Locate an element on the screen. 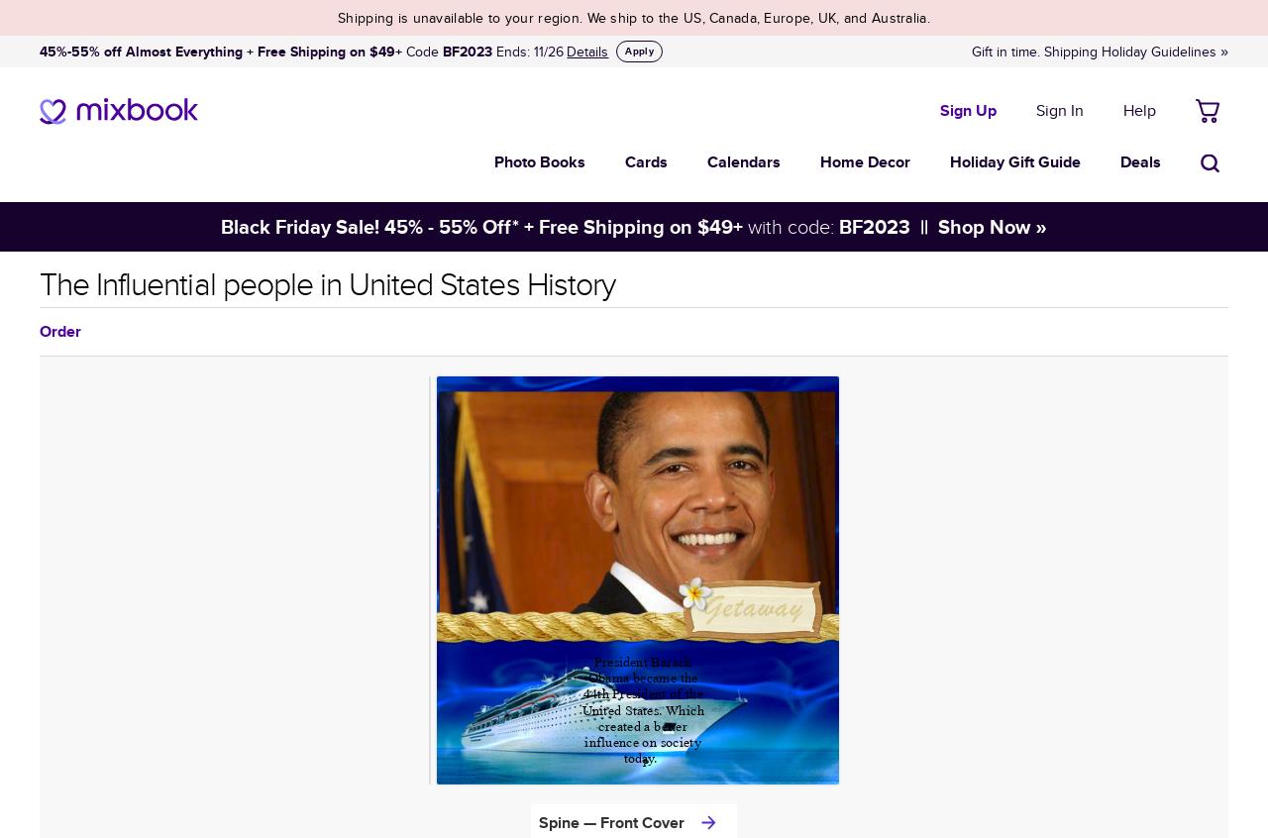 The height and width of the screenshot is (838, 1268). 'Shipping is unavailable to your region. We ship to the US, Canada, Europe, UK, and Australia.' is located at coordinates (632, 17).